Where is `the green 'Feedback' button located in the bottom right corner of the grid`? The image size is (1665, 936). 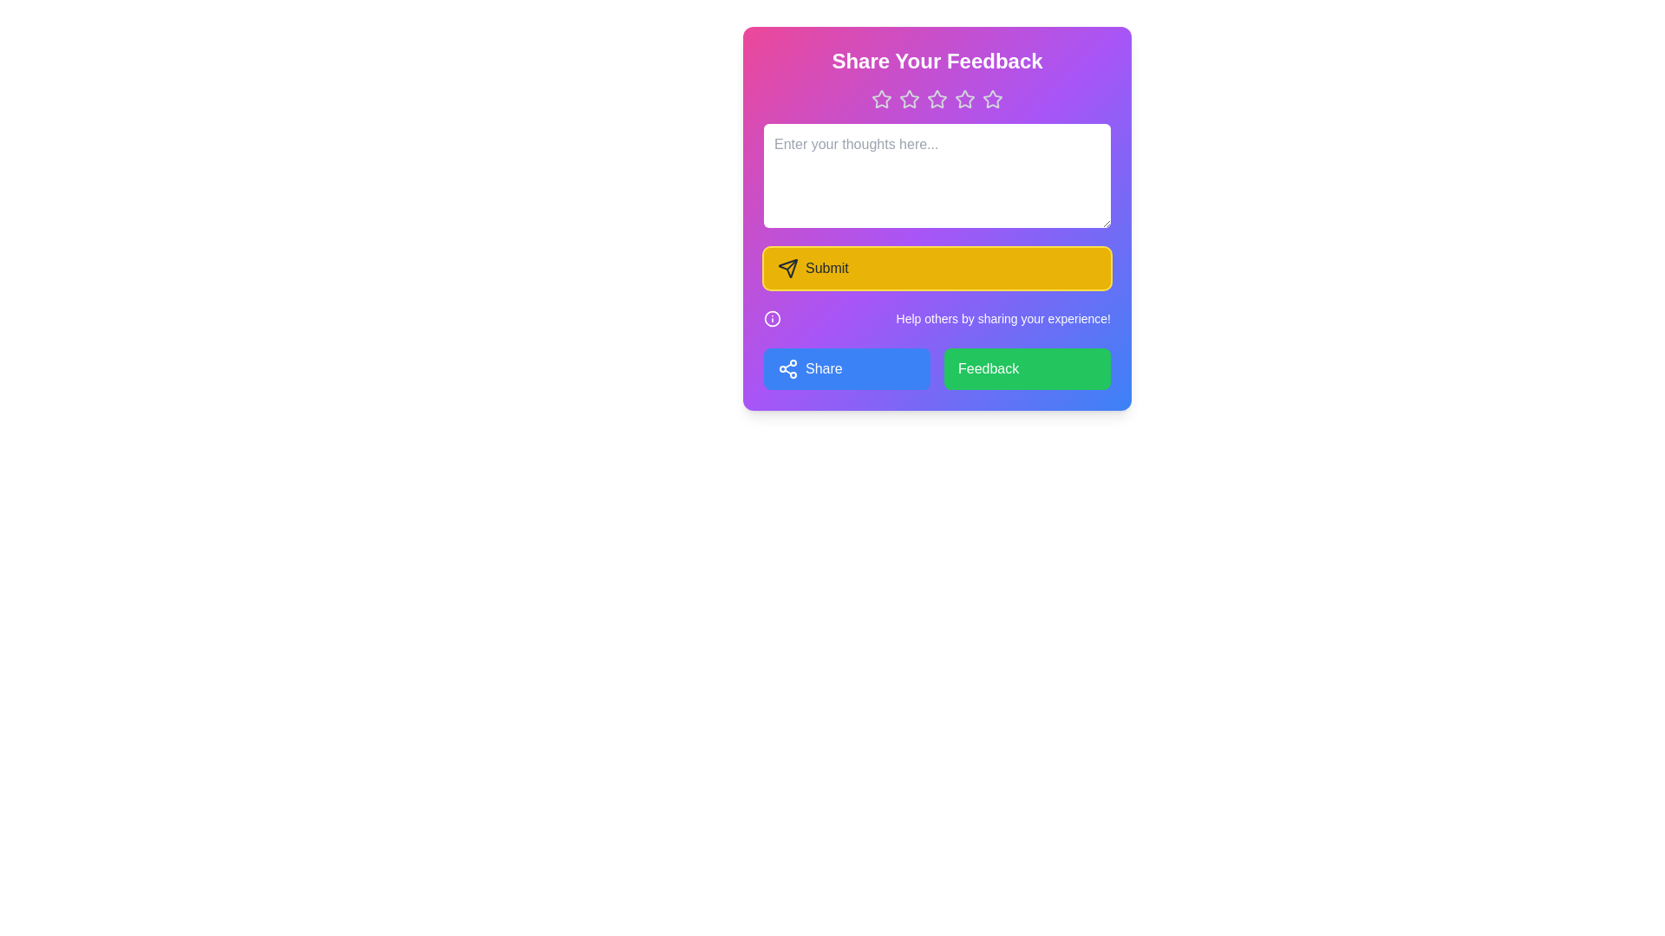 the green 'Feedback' button located in the bottom right corner of the grid is located at coordinates (1028, 367).